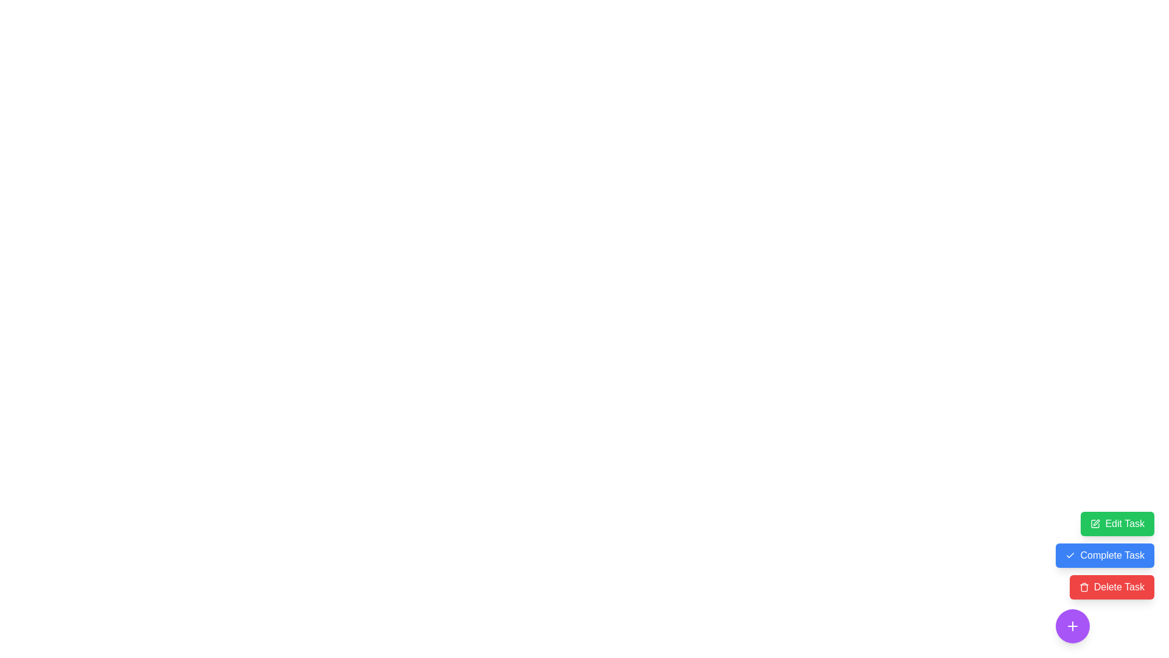 The height and width of the screenshot is (658, 1169). What do you see at coordinates (1117, 523) in the screenshot?
I see `the green button labeled 'Edit Task' with a pen icon` at bounding box center [1117, 523].